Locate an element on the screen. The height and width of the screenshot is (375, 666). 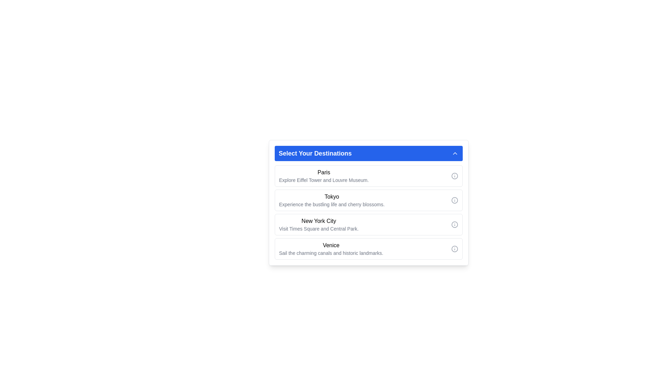
the information icon, which is a gray circular design with a lowercase 'i' in the center, located at the far right of the 'New York City' item in the destination list, adjacent to the description text 'Visit Times Square and Central Park' is located at coordinates (454, 225).